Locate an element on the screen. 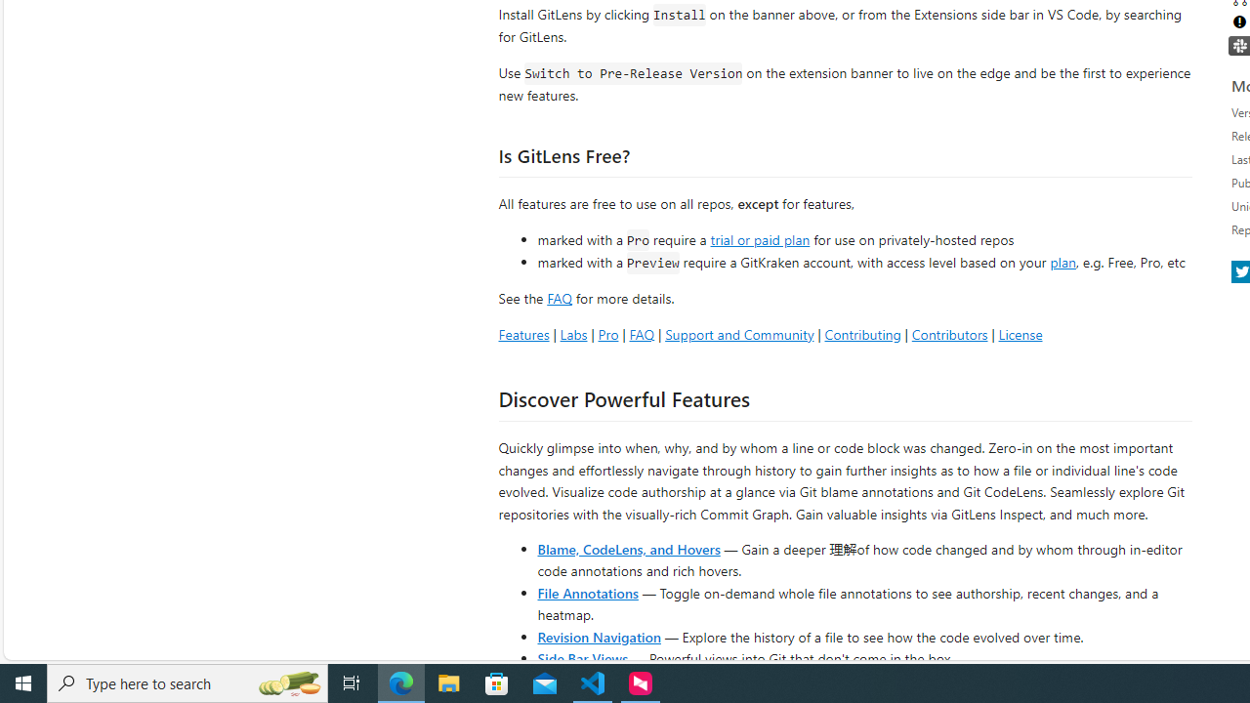 The height and width of the screenshot is (703, 1250). 'Support and Community' is located at coordinates (738, 333).